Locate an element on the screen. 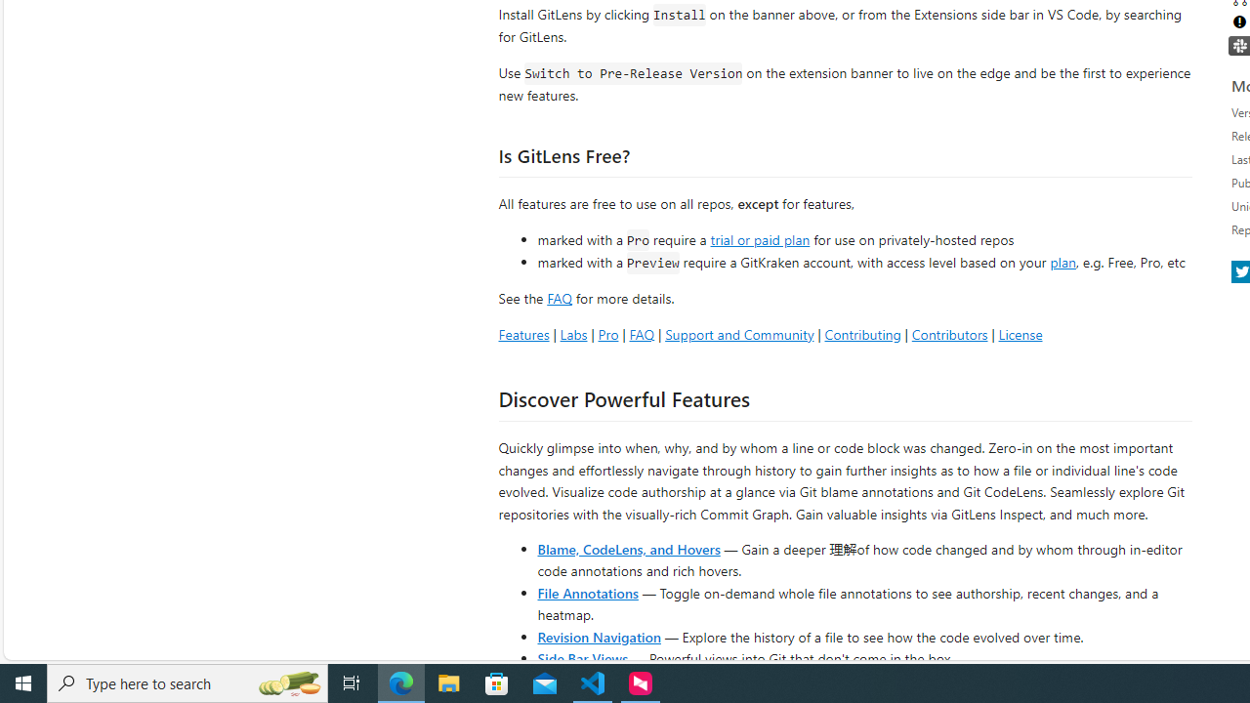 The height and width of the screenshot is (703, 1250). 'Support and Community' is located at coordinates (738, 333).